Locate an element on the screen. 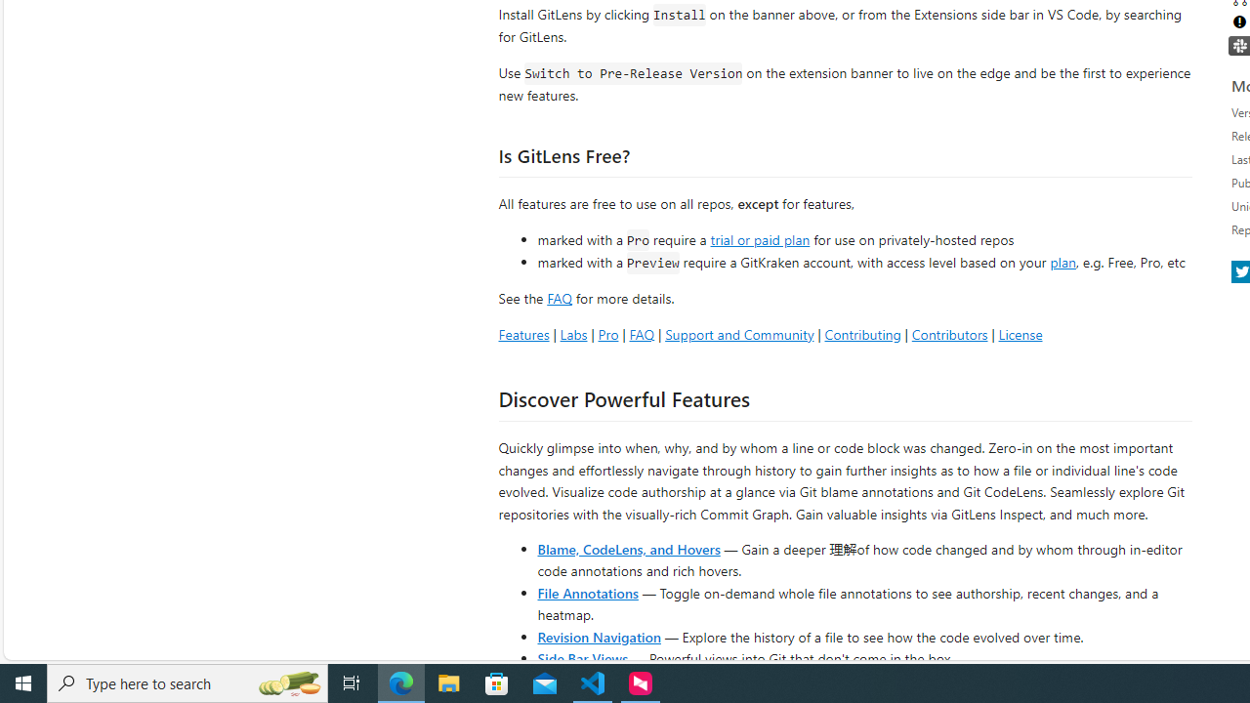 The height and width of the screenshot is (703, 1250). 'Support and Community' is located at coordinates (738, 333).